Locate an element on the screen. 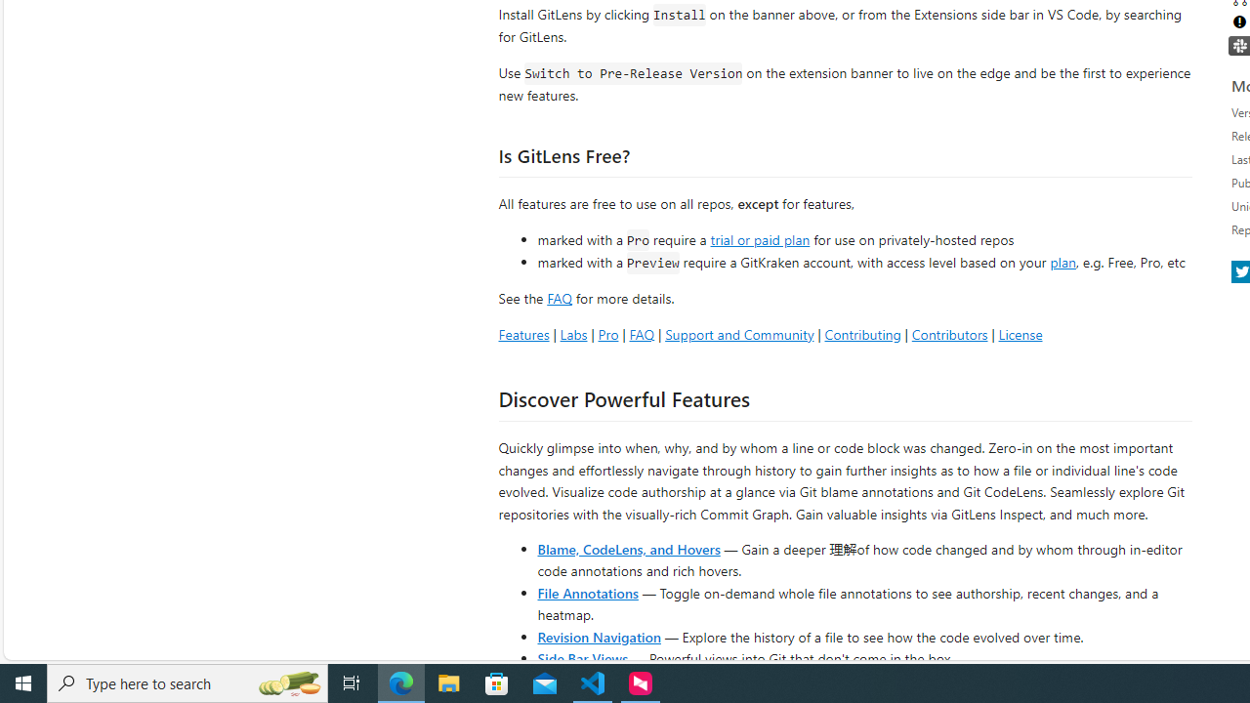 The height and width of the screenshot is (703, 1250). 'Support and Community' is located at coordinates (738, 333).